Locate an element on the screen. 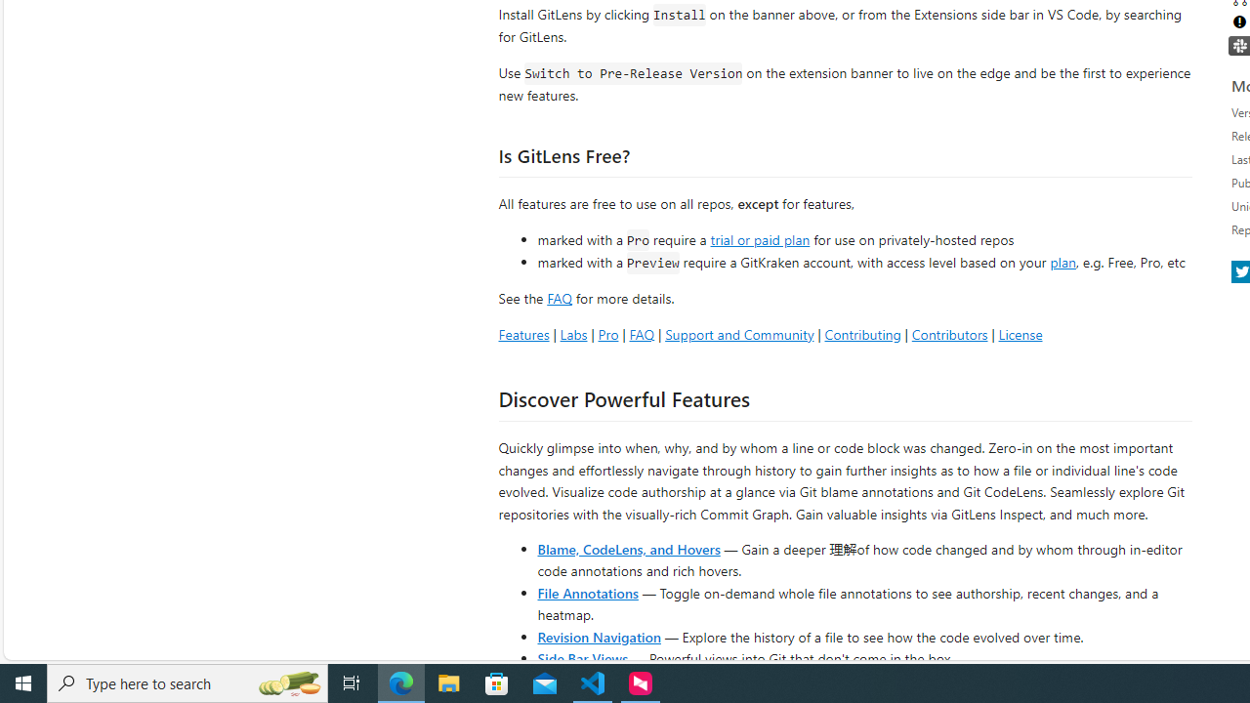 The height and width of the screenshot is (703, 1250). 'Support and Community' is located at coordinates (738, 333).